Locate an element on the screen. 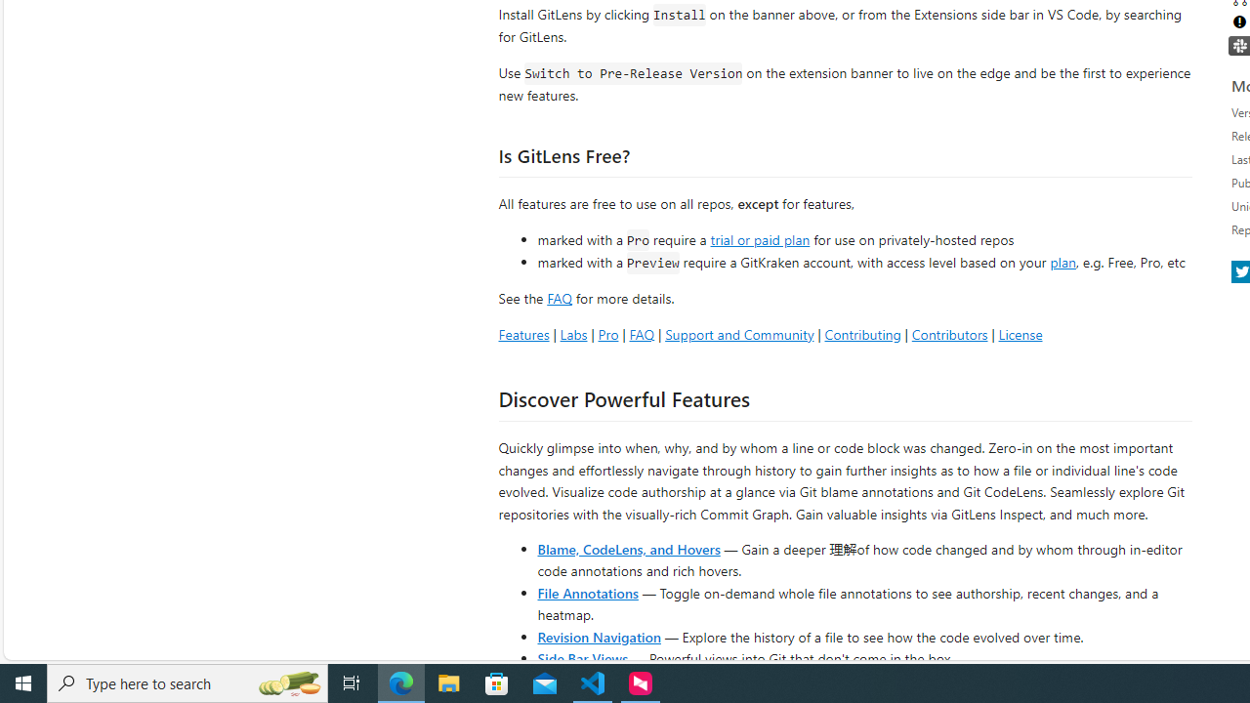 The height and width of the screenshot is (703, 1250). 'Support and Community' is located at coordinates (738, 333).